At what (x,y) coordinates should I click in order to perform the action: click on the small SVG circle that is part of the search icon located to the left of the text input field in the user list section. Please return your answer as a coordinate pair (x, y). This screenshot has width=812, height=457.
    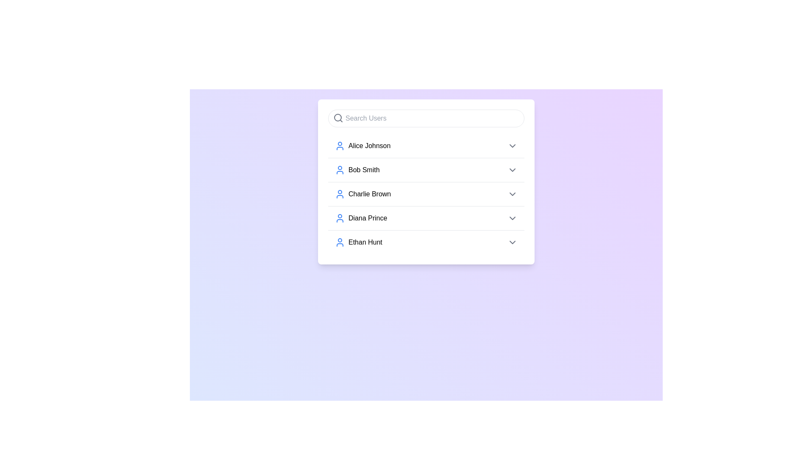
    Looking at the image, I should click on (337, 117).